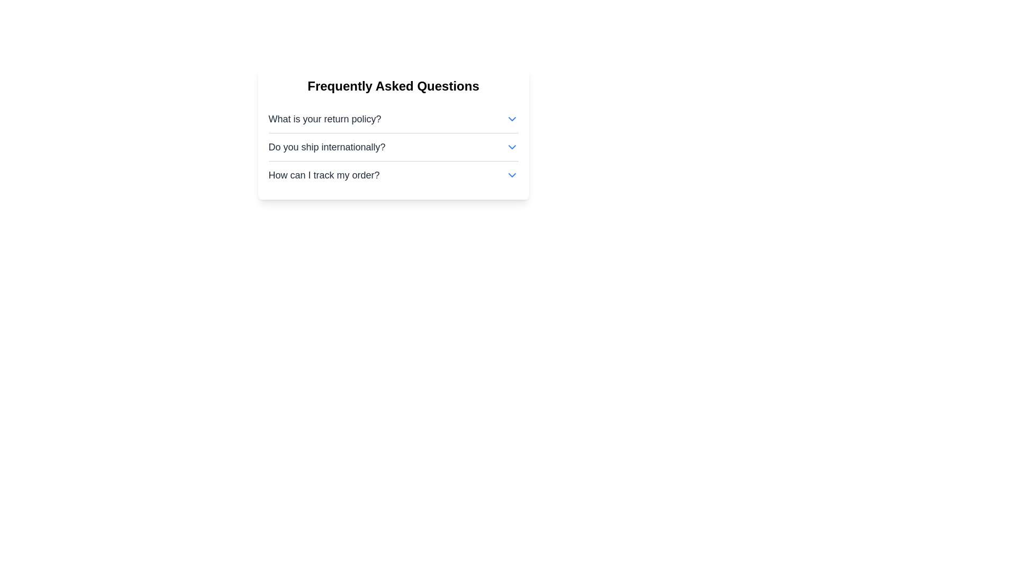 The width and height of the screenshot is (1016, 572). I want to click on the second interactive question expander in the FAQ section, located between 'What is your return policy?' and 'How can I track my order?', so click(393, 147).